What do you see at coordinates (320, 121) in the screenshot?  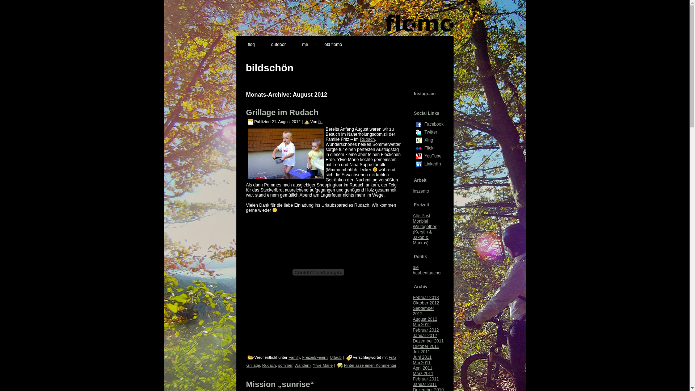 I see `'flo'` at bounding box center [320, 121].